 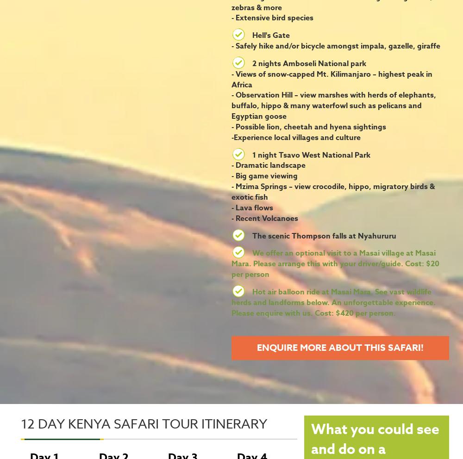 I want to click on 'Enquire more about this safari!', so click(x=340, y=347).